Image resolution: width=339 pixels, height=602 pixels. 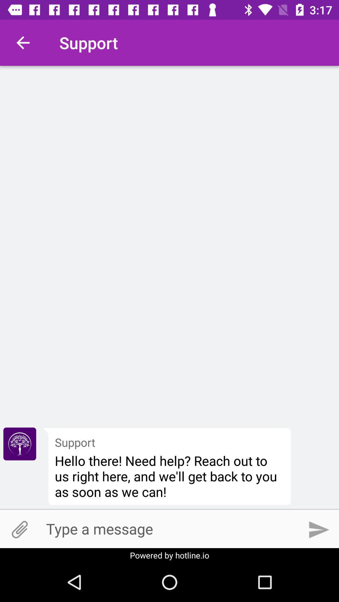 What do you see at coordinates (319, 529) in the screenshot?
I see `the item at the bottom right corner` at bounding box center [319, 529].